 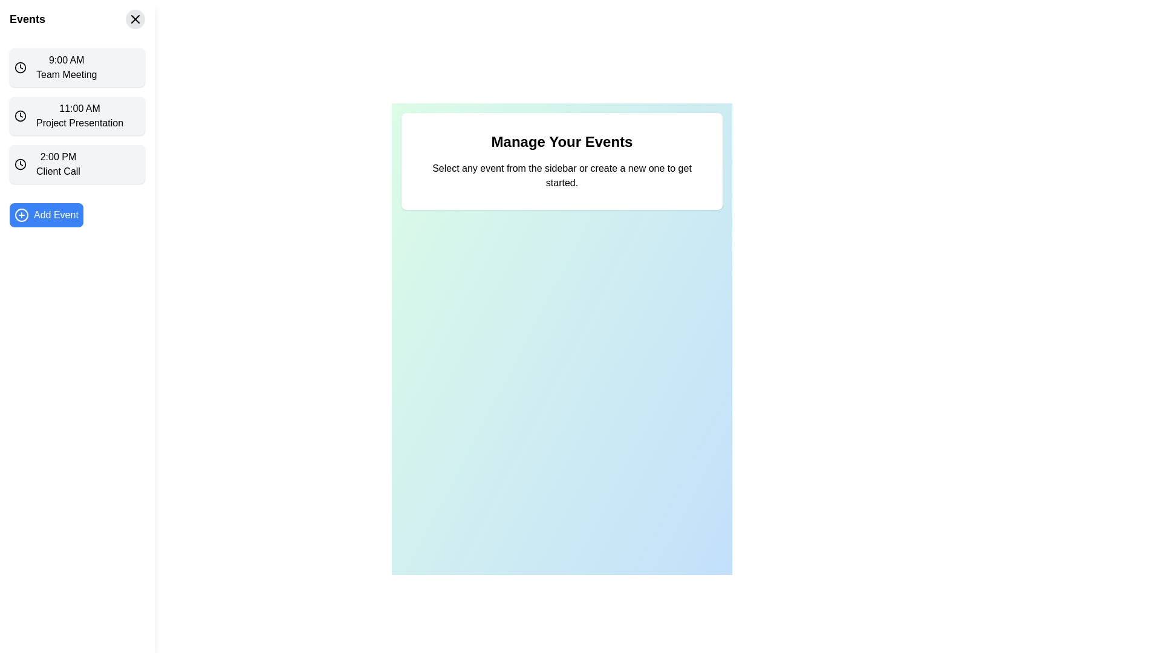 What do you see at coordinates (77, 116) in the screenshot?
I see `the second event card in the schedule interface` at bounding box center [77, 116].